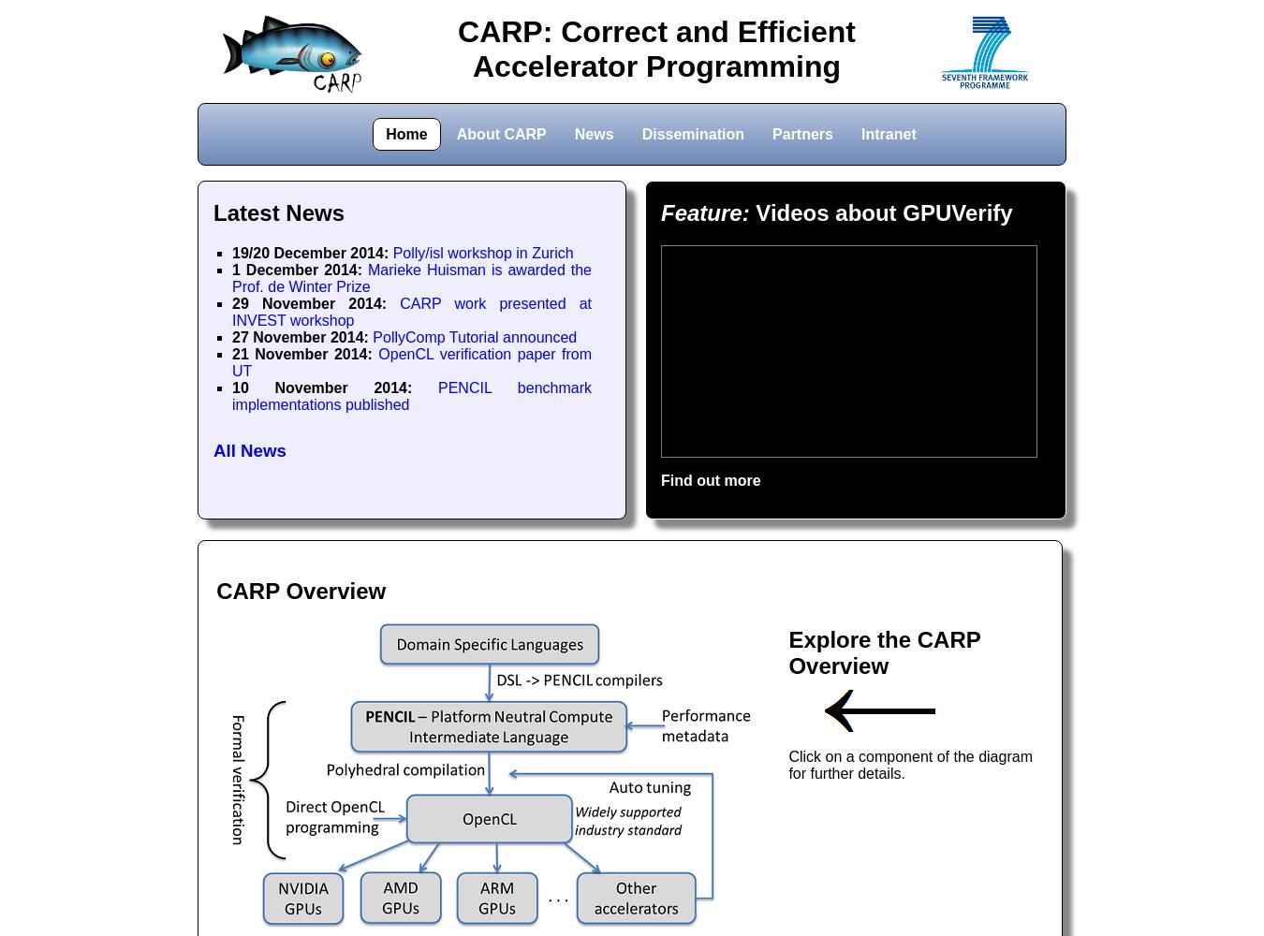 The image size is (1264, 936). Describe the element at coordinates (691, 133) in the screenshot. I see `'Dissemination'` at that location.